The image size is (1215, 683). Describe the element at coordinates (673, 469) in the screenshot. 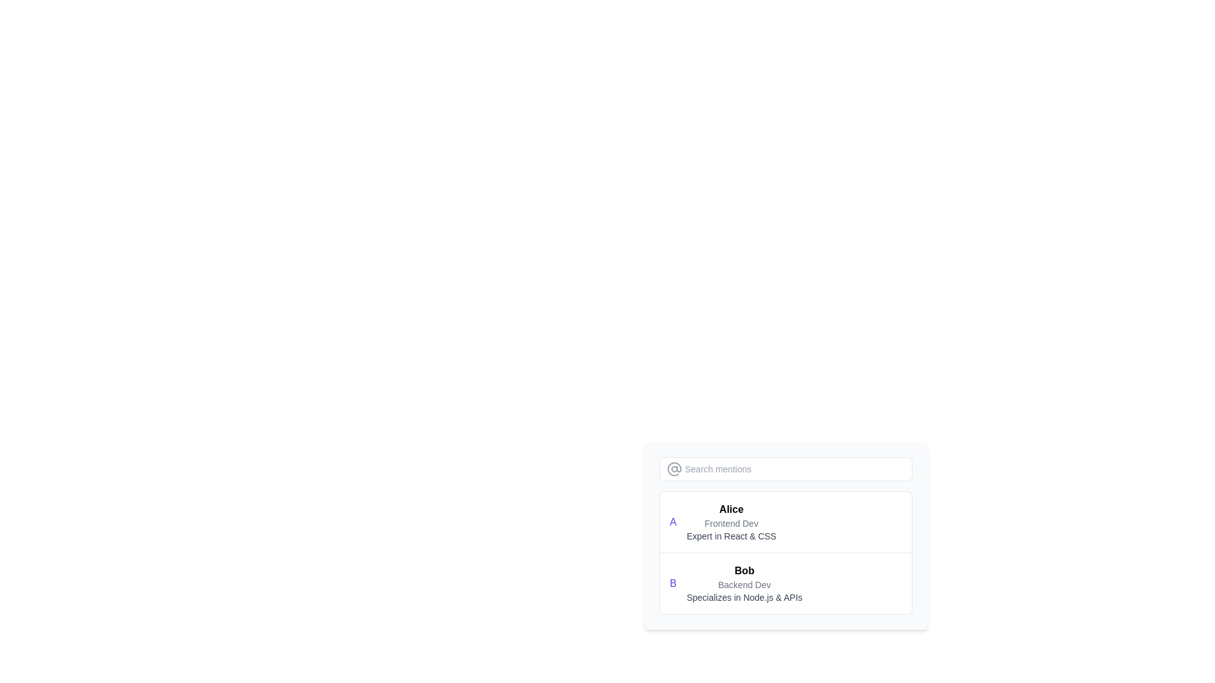

I see `the small gray '@' icon located inside the search bar to the left of the text input field` at that location.